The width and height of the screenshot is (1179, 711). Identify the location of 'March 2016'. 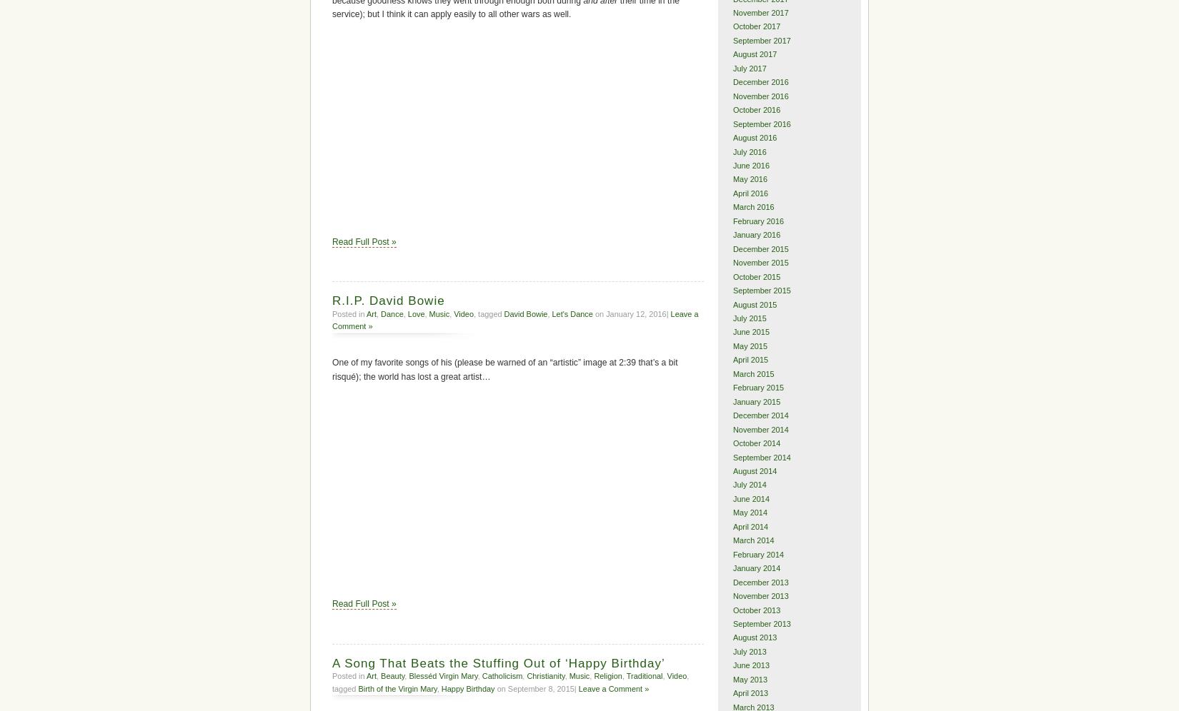
(753, 207).